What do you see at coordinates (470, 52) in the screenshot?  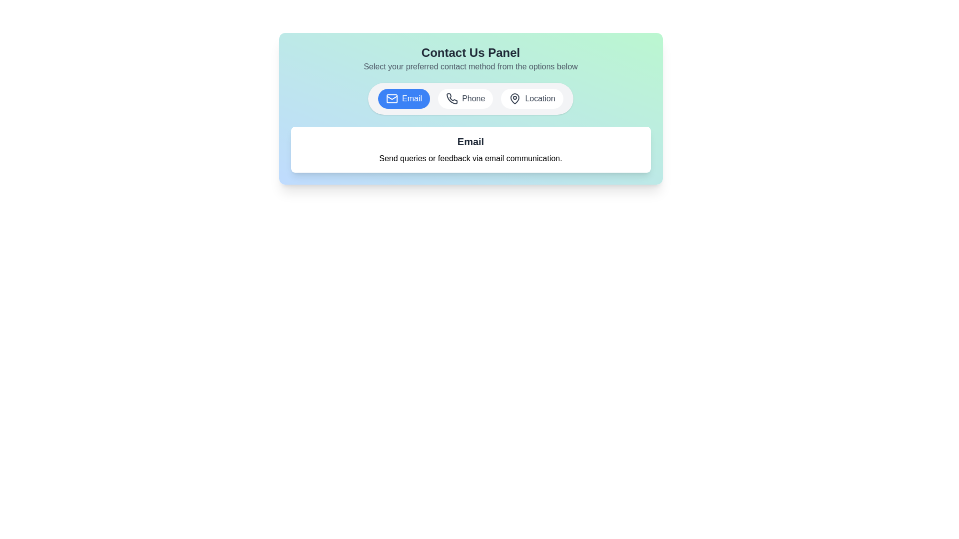 I see `the 'Contact Us' header text label which indicates the section's purpose in the interface` at bounding box center [470, 52].